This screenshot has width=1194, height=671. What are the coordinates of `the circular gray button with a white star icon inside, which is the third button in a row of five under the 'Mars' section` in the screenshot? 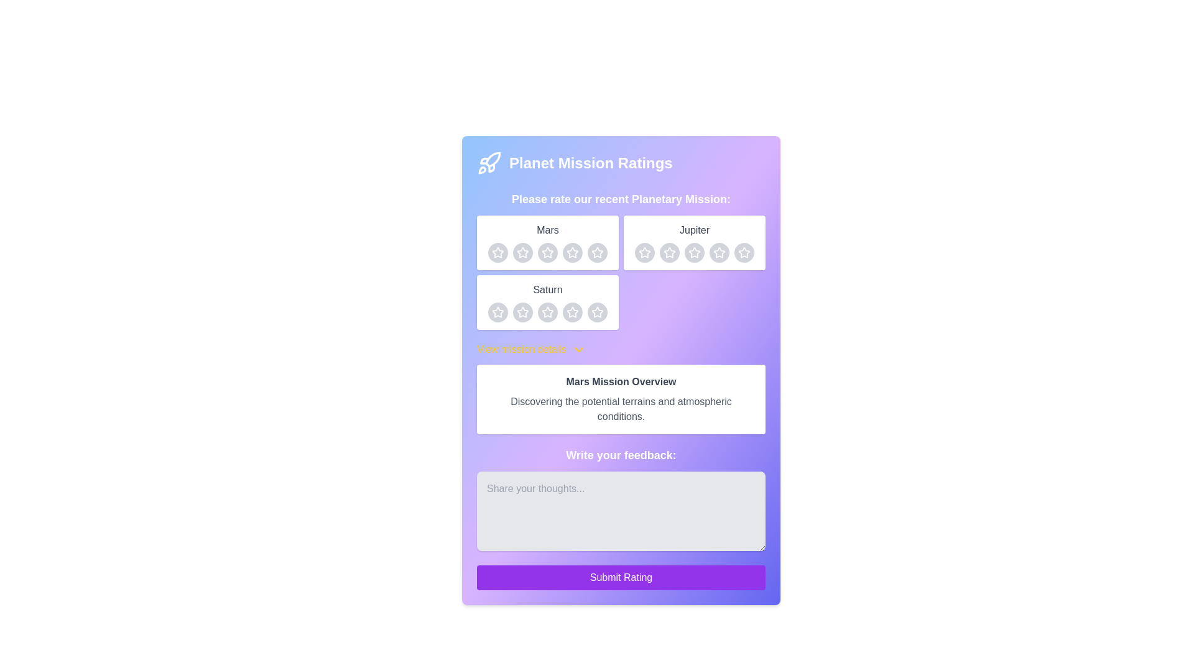 It's located at (547, 252).